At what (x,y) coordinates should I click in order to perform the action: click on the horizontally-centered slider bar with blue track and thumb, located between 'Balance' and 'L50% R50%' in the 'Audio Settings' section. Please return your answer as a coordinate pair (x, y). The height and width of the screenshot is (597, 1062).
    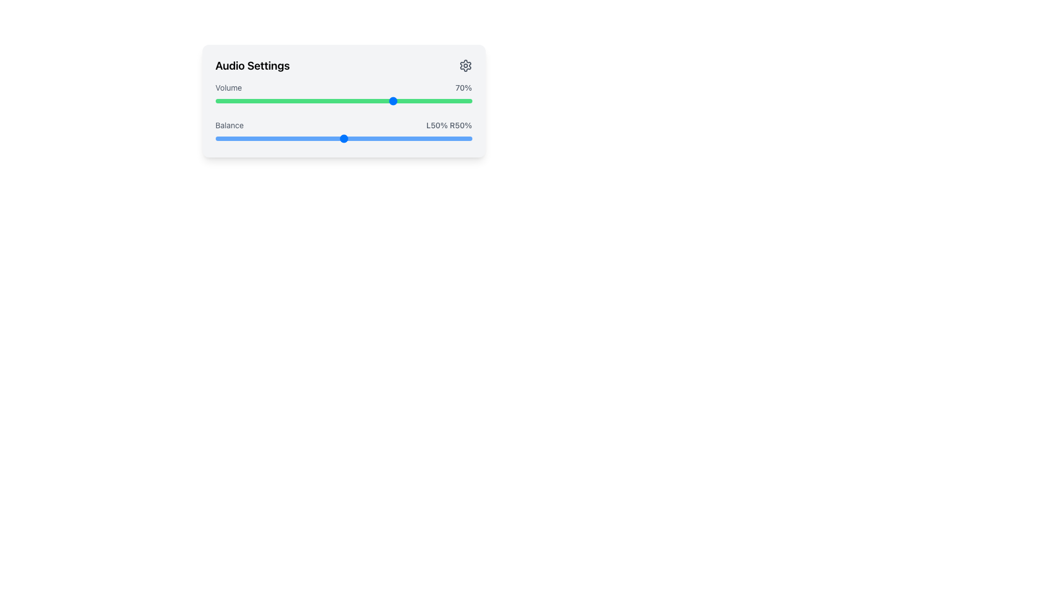
    Looking at the image, I should click on (343, 132).